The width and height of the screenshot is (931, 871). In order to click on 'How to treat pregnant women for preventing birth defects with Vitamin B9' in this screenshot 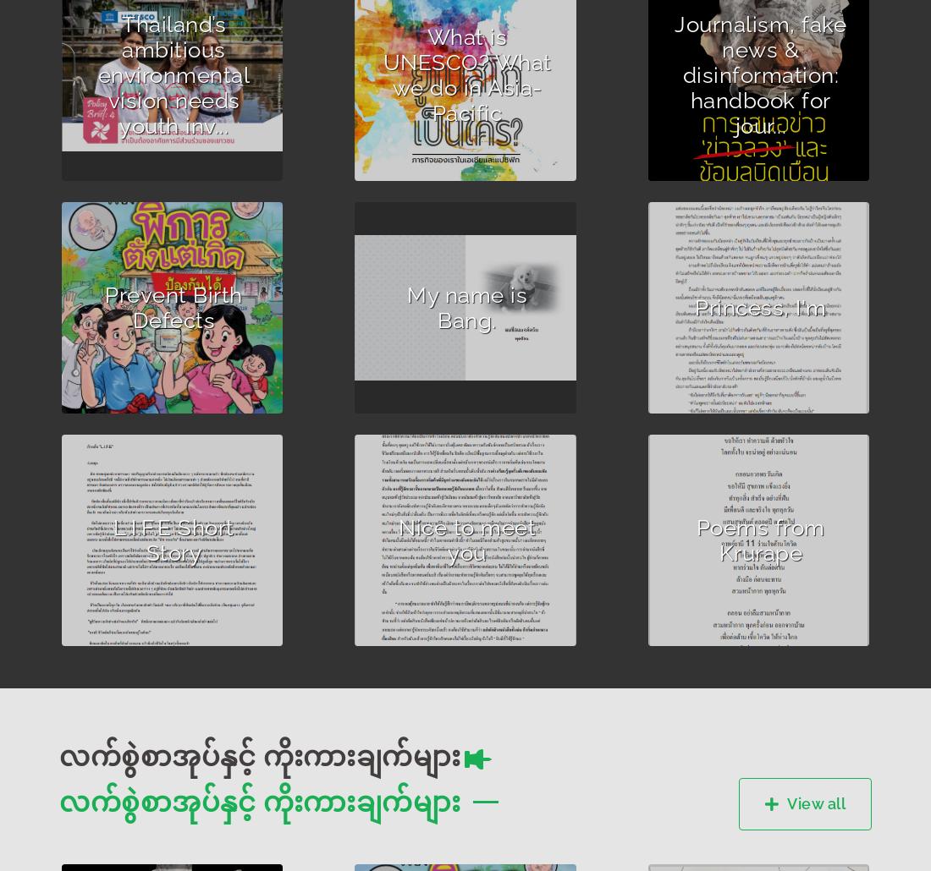, I will do `click(85, 337)`.